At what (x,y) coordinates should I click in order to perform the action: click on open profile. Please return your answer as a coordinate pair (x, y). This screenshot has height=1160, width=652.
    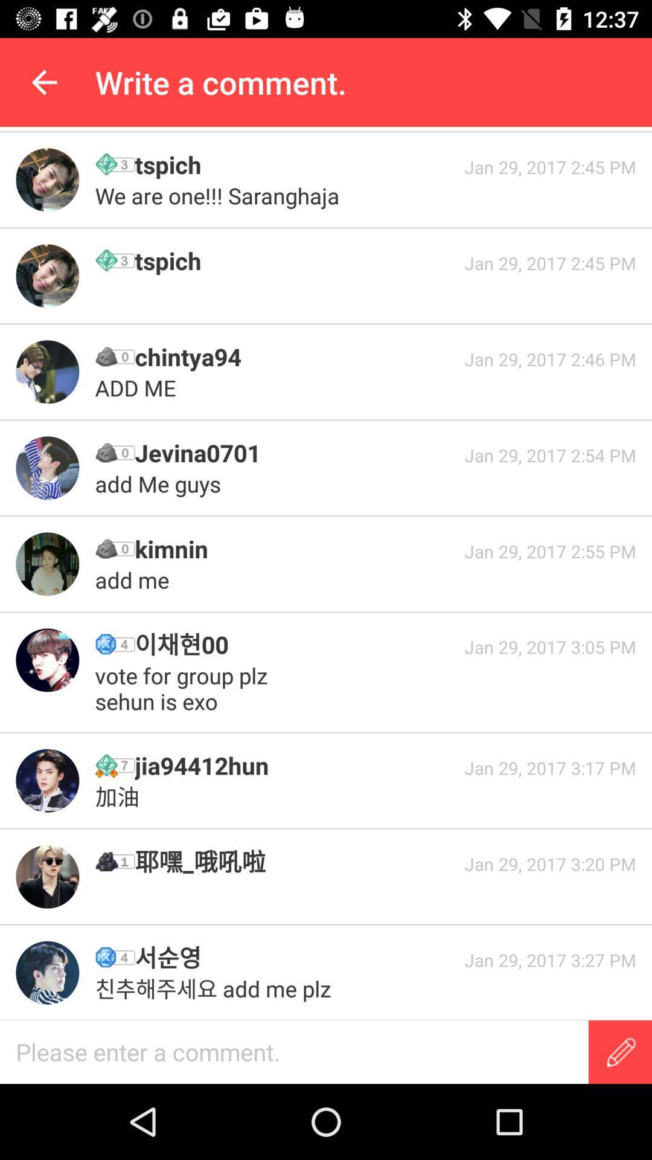
    Looking at the image, I should click on (46, 179).